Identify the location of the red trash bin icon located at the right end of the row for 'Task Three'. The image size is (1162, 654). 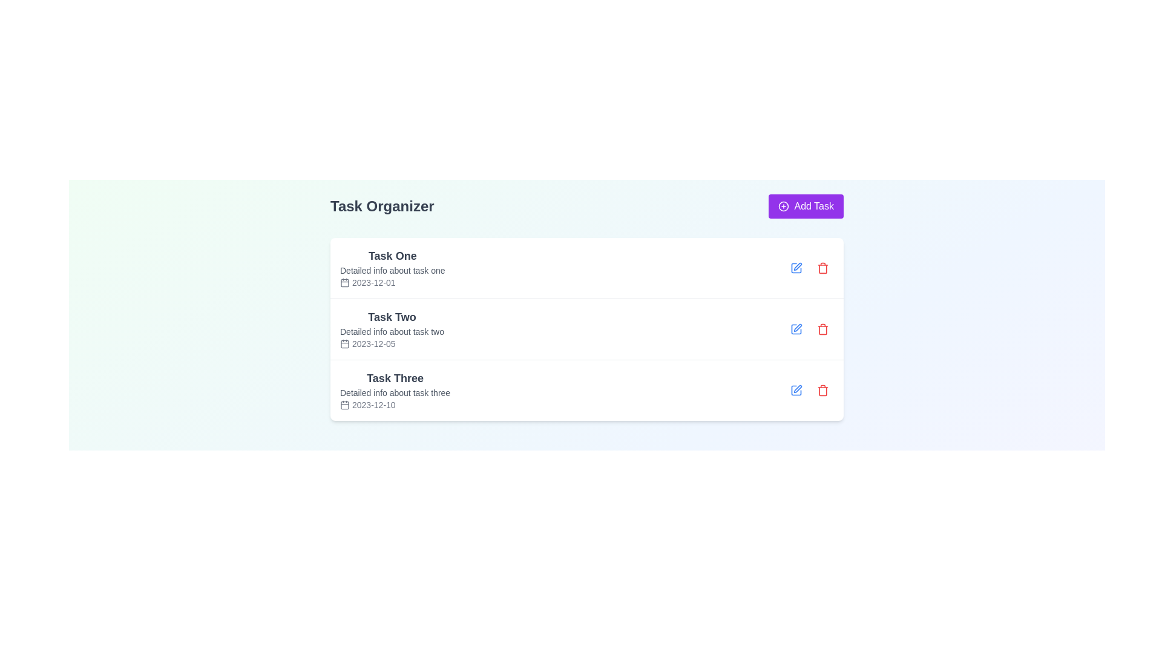
(822, 390).